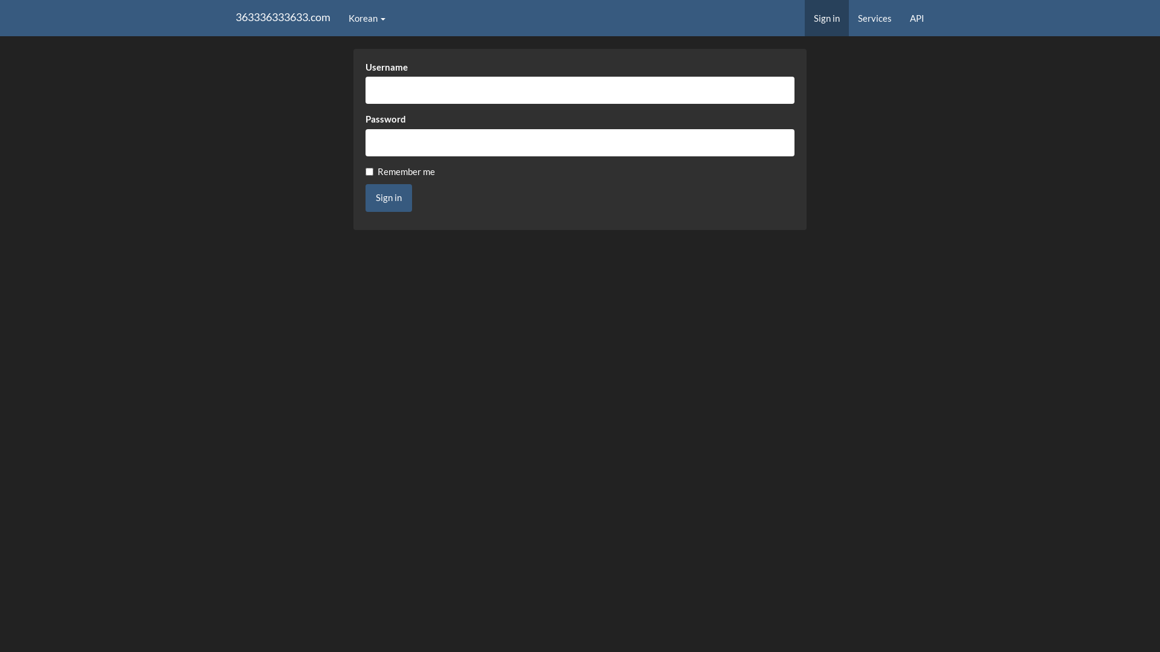 This screenshot has width=1160, height=652. What do you see at coordinates (848, 18) in the screenshot?
I see `'Services'` at bounding box center [848, 18].